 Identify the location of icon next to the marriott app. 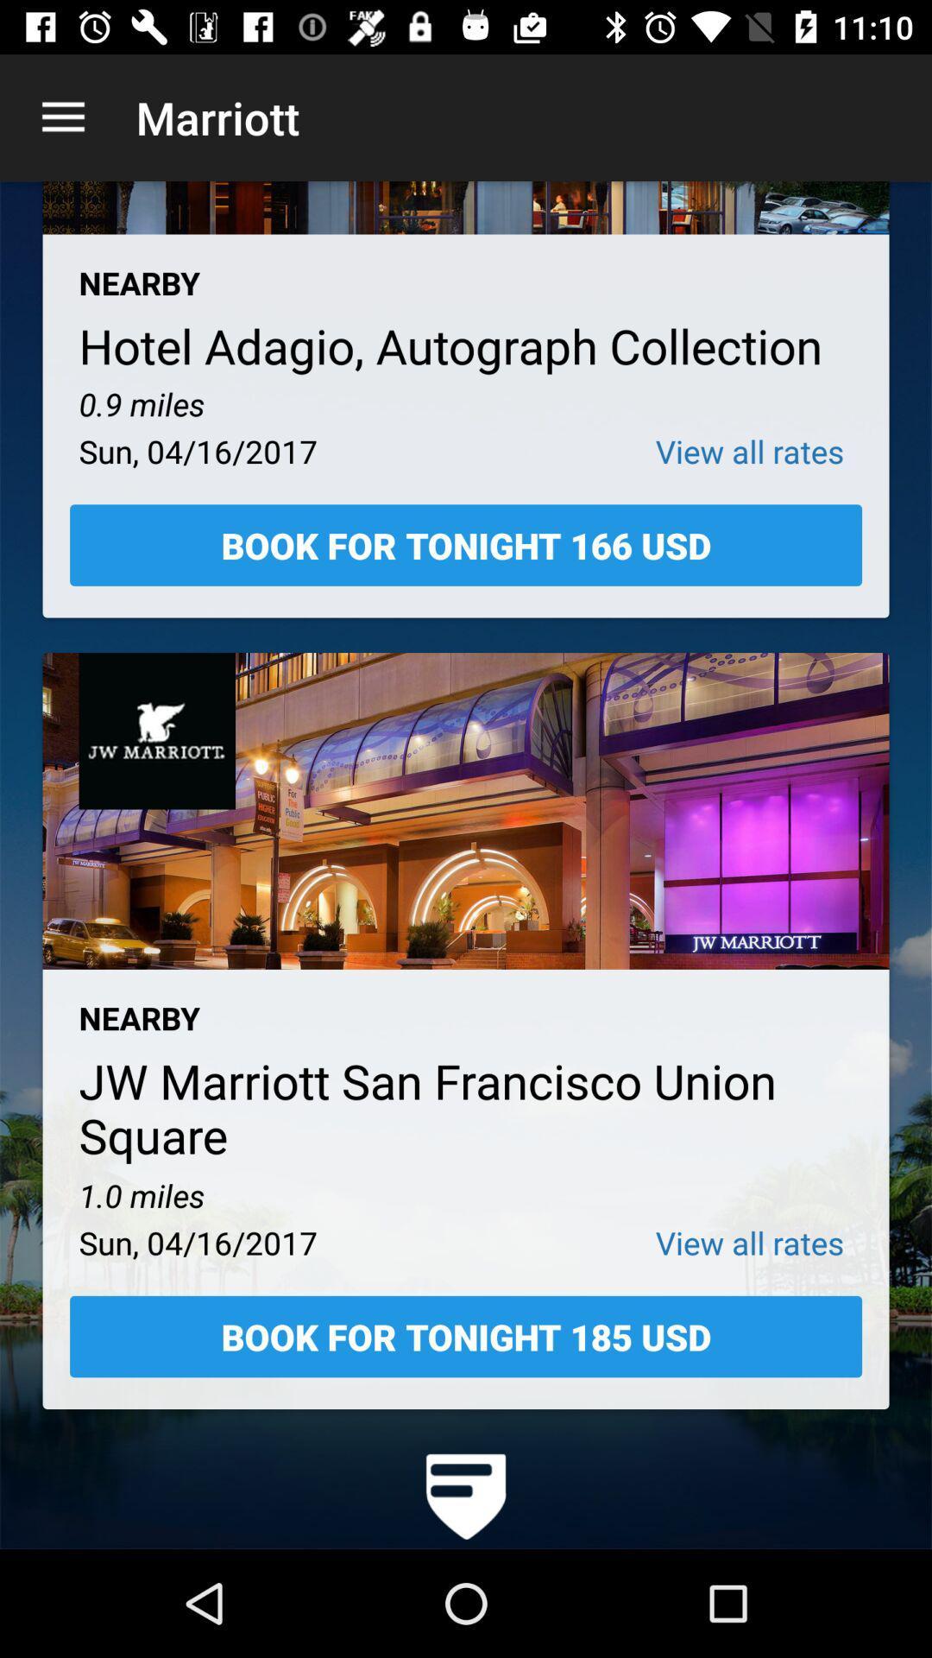
(62, 117).